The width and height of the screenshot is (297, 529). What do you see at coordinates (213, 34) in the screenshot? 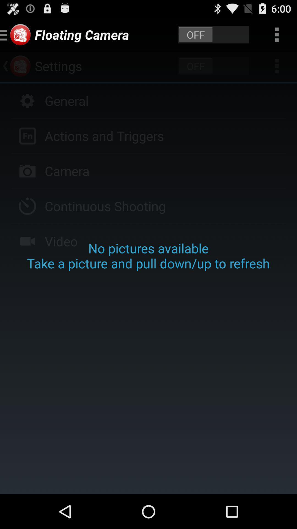
I see `turn on/off floating camera` at bounding box center [213, 34].